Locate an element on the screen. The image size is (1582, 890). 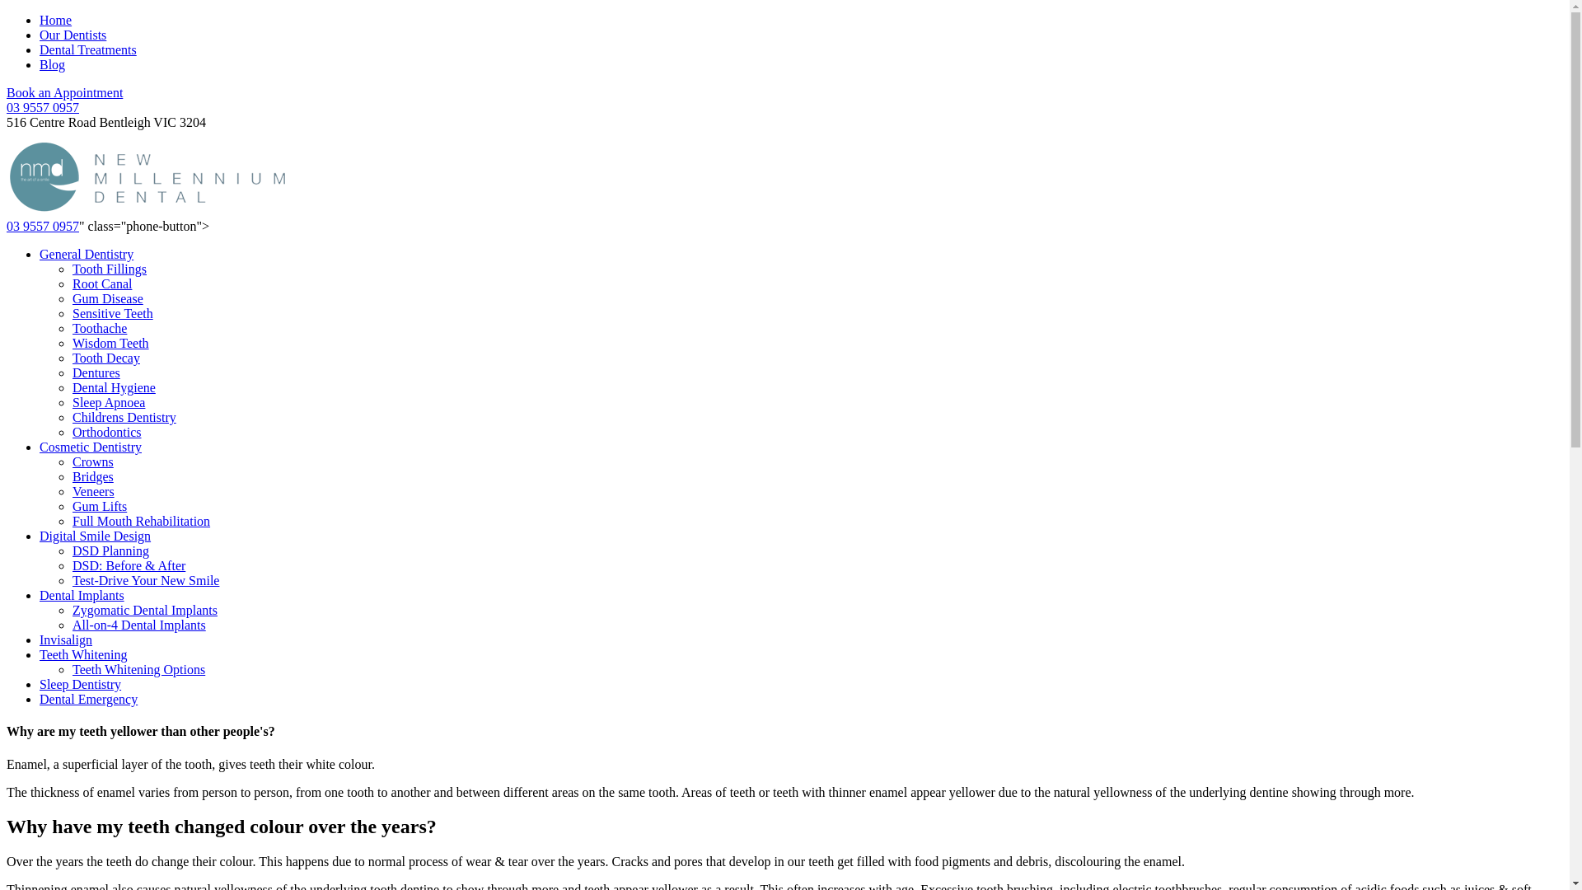
'Cosmetic Dentistry' is located at coordinates (90, 447).